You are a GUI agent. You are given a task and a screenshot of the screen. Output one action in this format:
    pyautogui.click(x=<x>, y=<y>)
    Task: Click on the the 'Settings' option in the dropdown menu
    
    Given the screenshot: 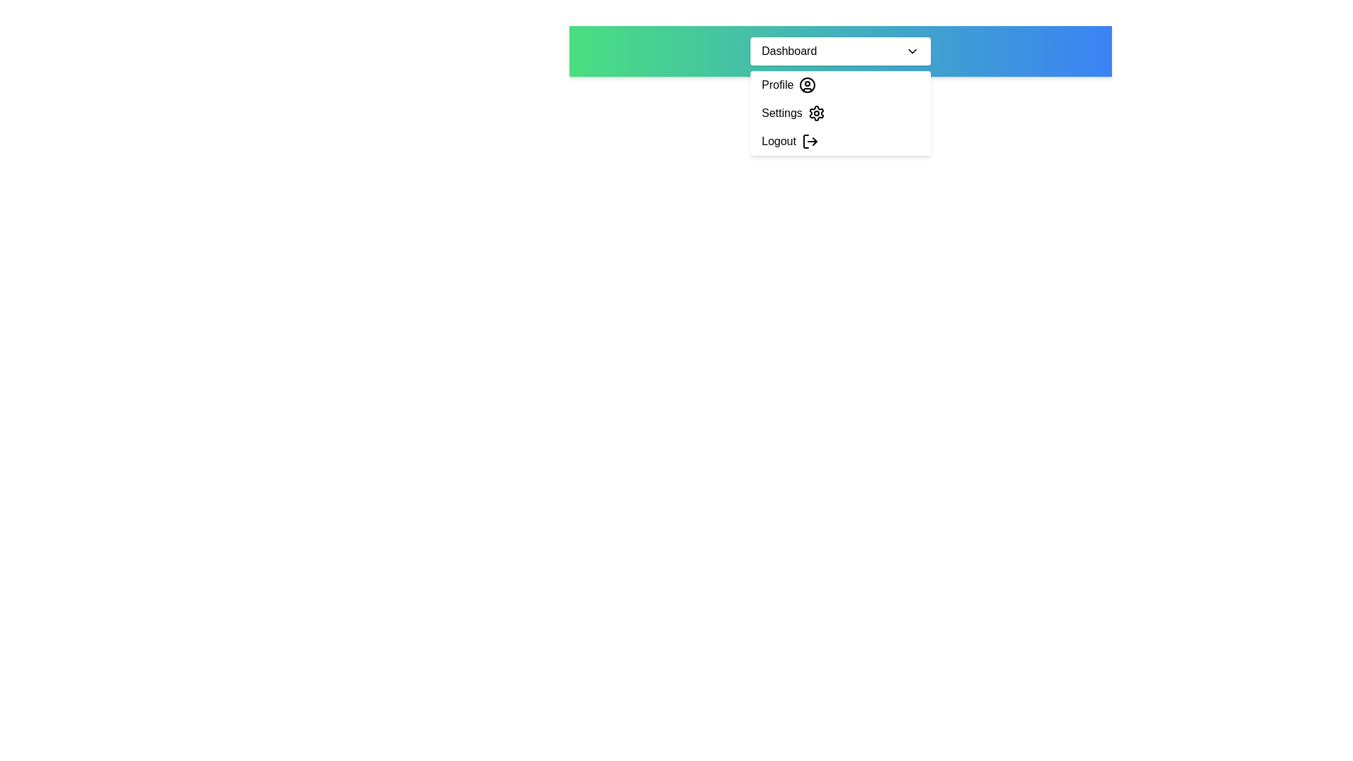 What is the action you would take?
    pyautogui.click(x=841, y=113)
    